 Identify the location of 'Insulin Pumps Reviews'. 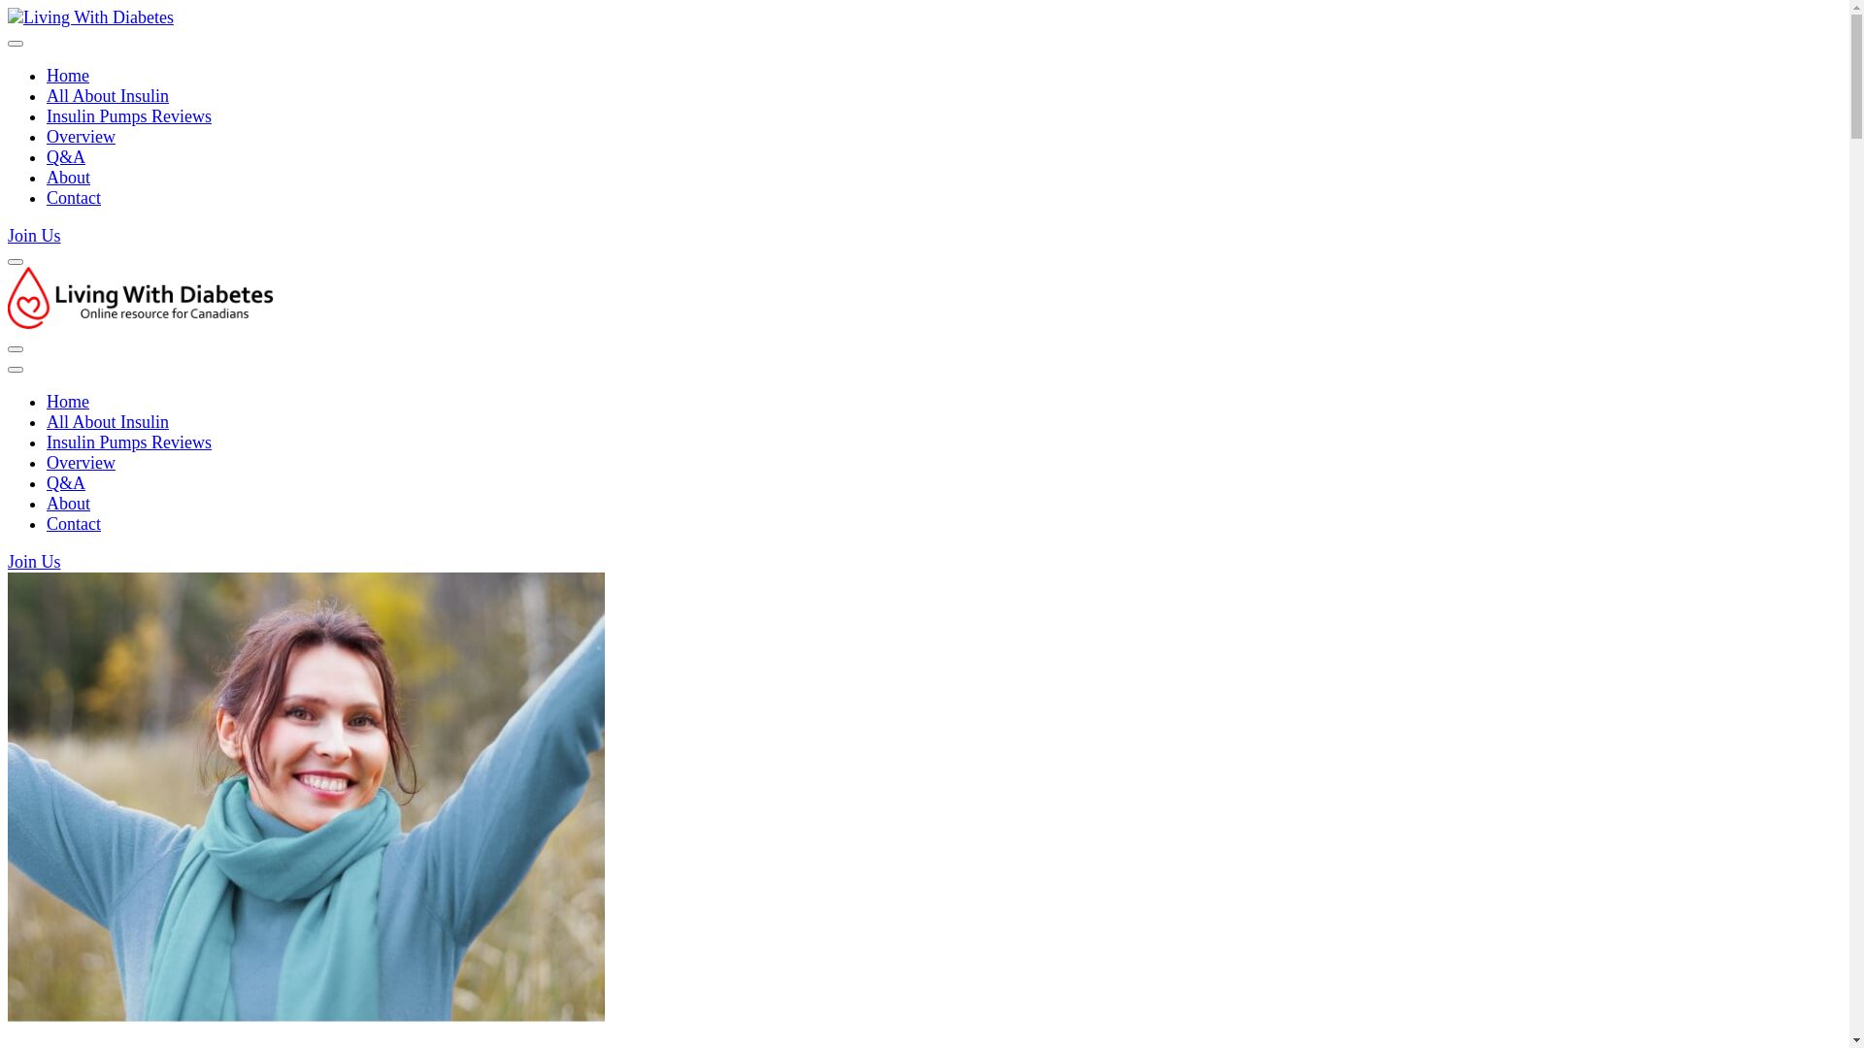
(128, 442).